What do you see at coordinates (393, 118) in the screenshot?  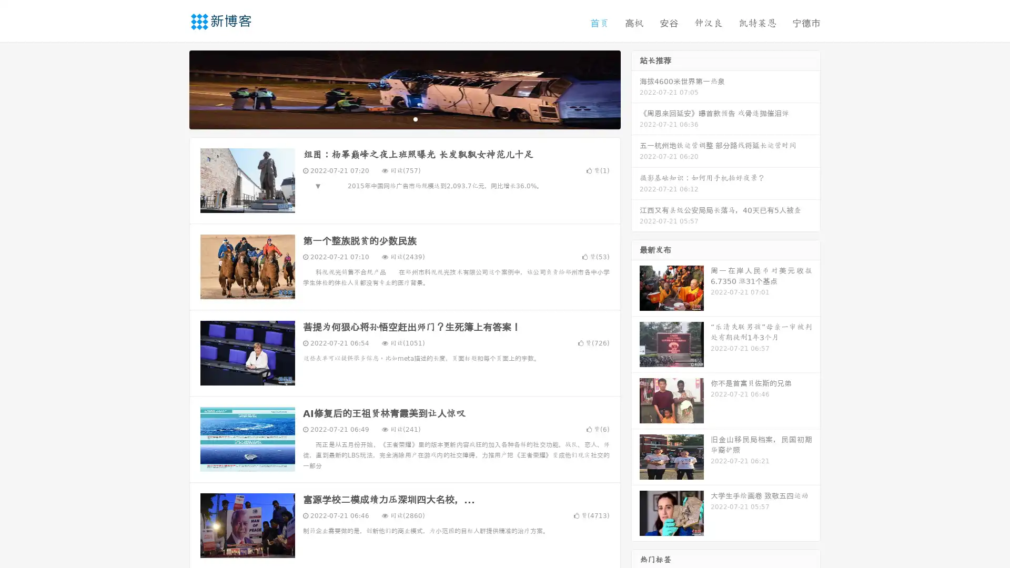 I see `Go to slide 1` at bounding box center [393, 118].